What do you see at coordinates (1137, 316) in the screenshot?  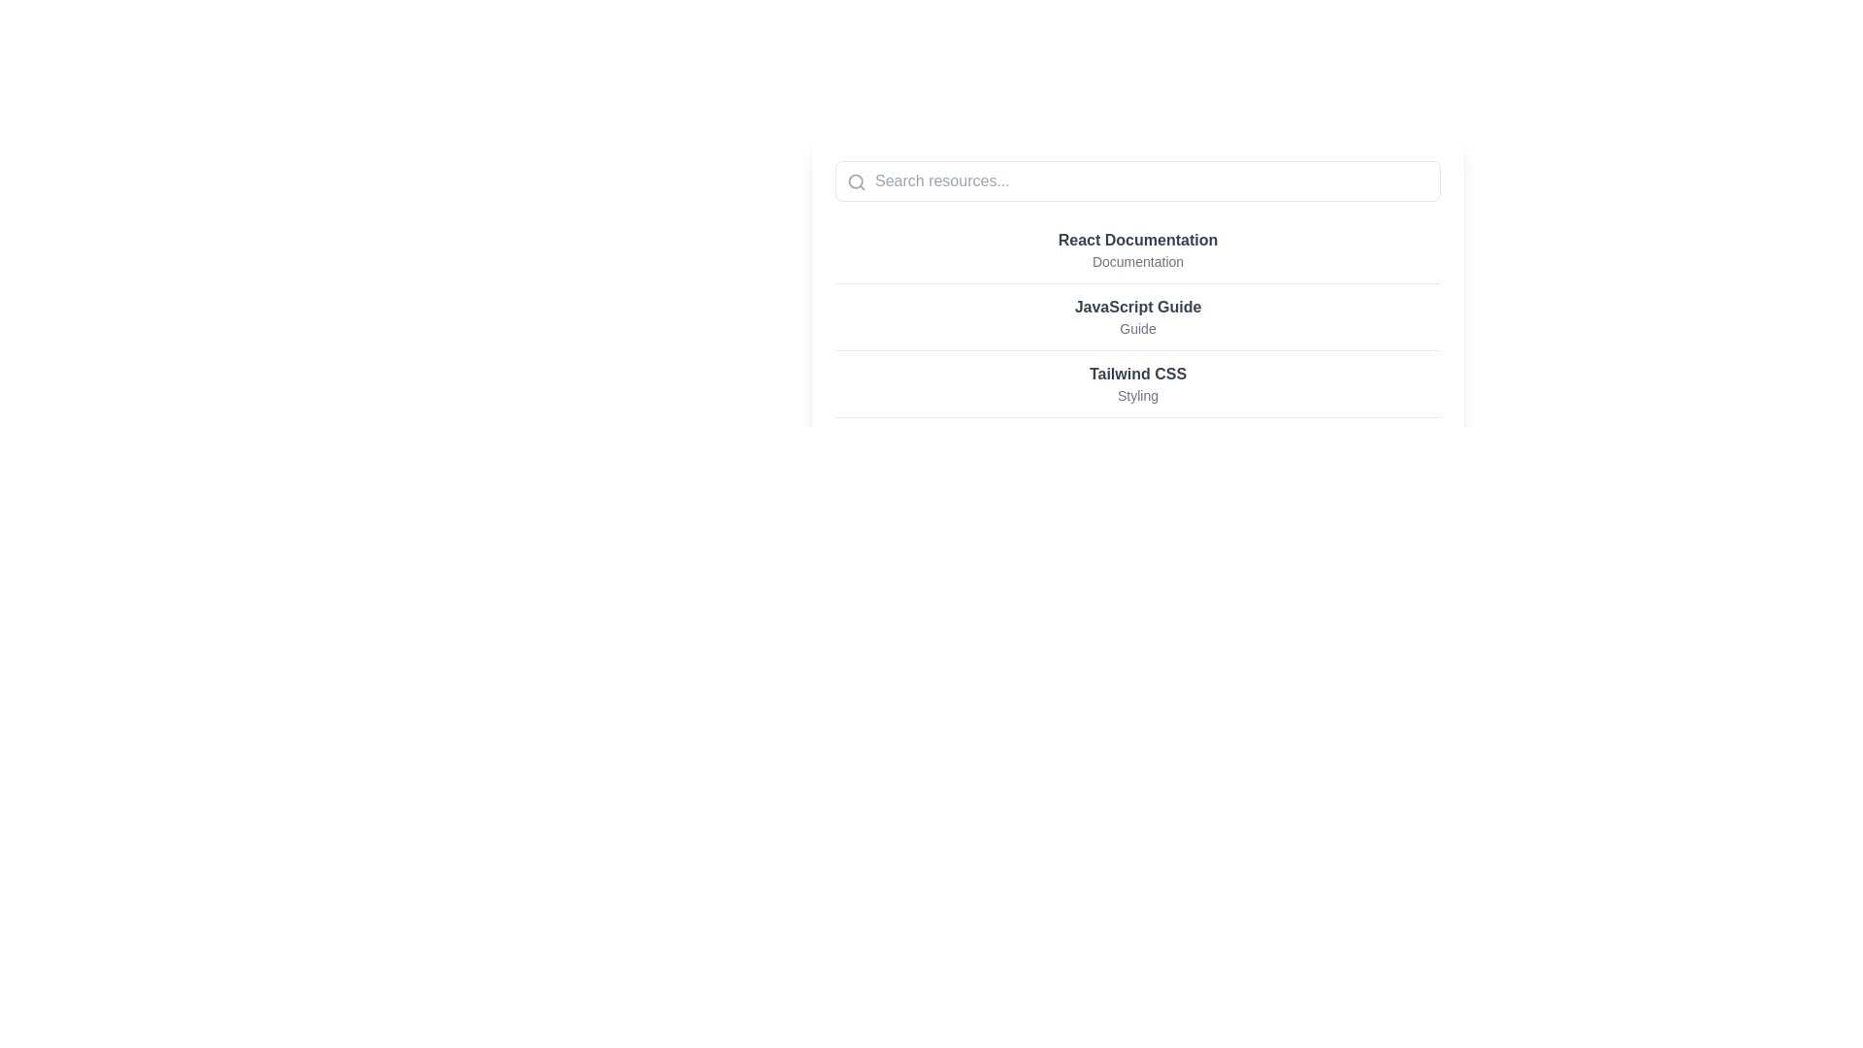 I see `the 'JavaScript Guide' button, which is the second item in the vertical list` at bounding box center [1137, 316].